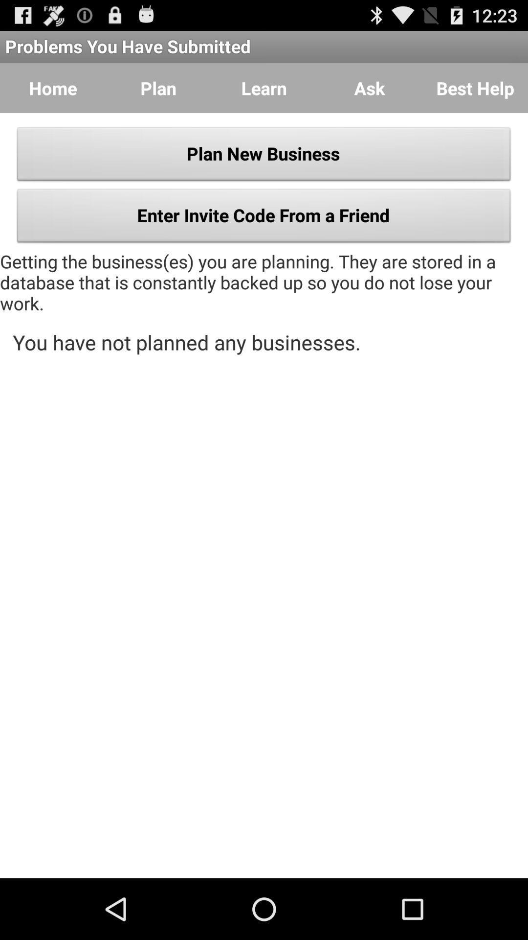 This screenshot has width=528, height=940. What do you see at coordinates (475, 88) in the screenshot?
I see `the item below the problems you have item` at bounding box center [475, 88].